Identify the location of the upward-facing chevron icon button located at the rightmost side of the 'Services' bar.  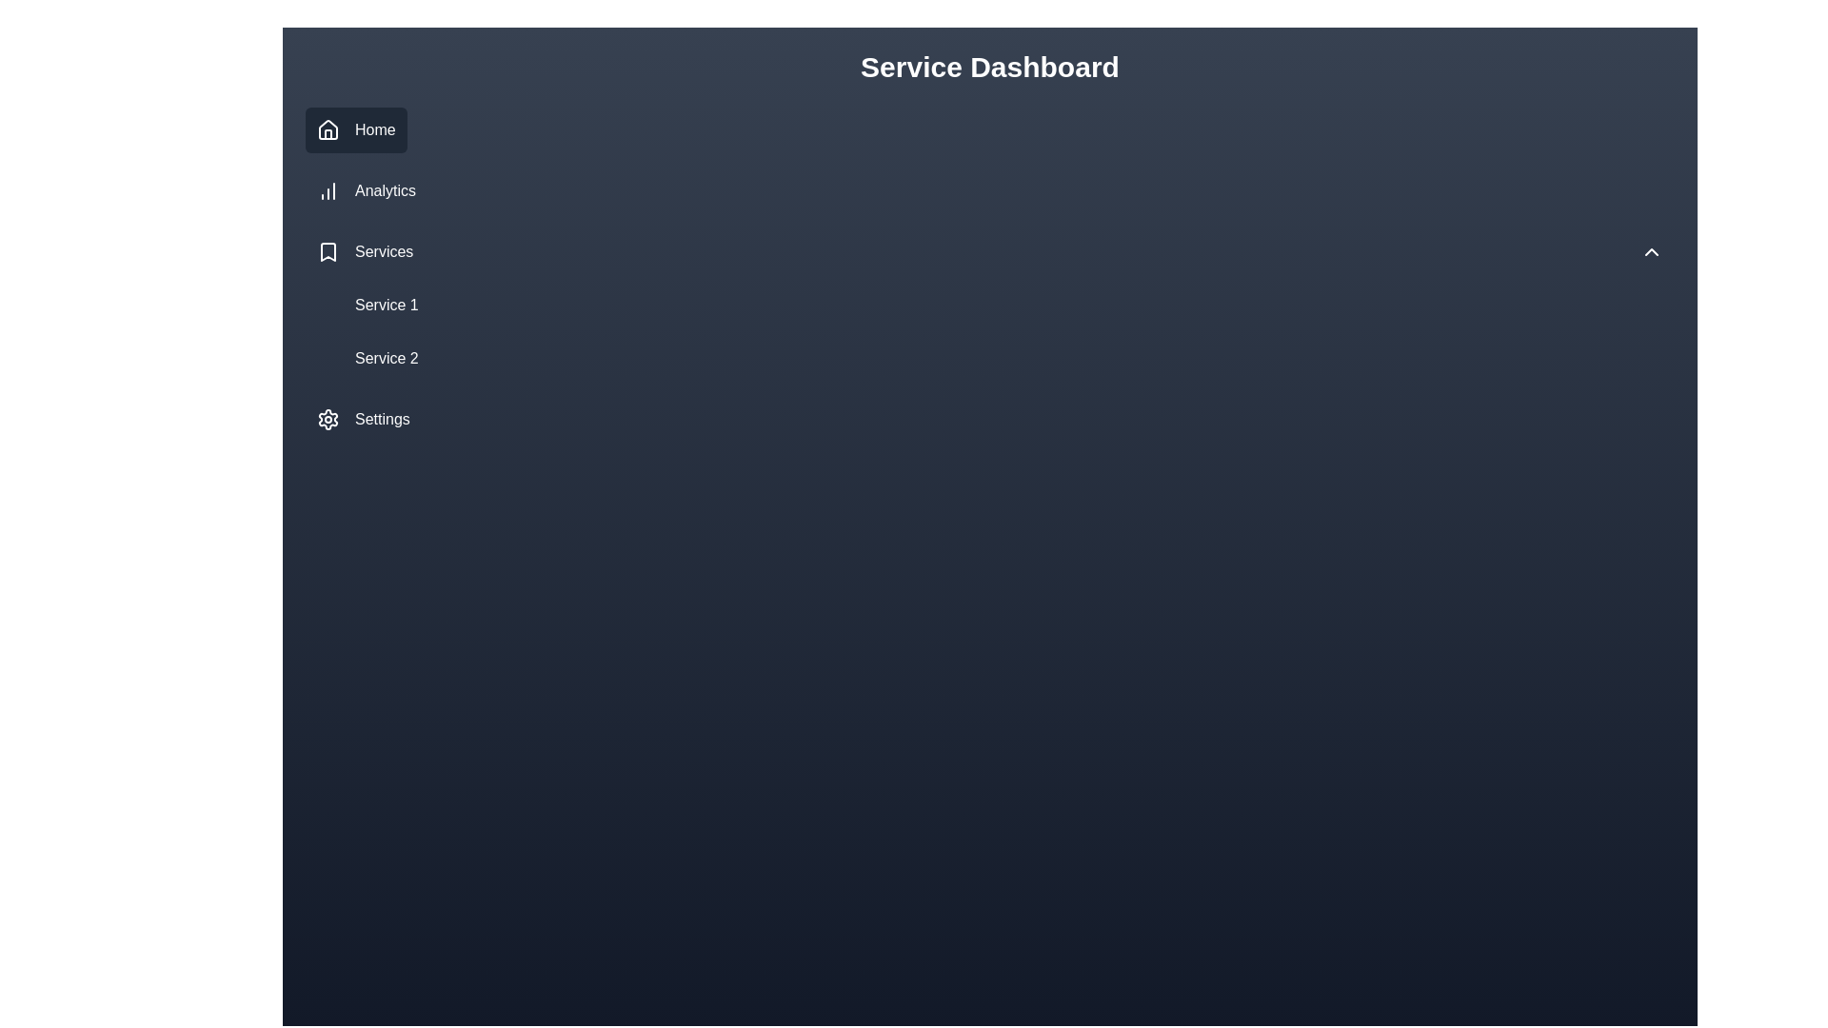
(1650, 251).